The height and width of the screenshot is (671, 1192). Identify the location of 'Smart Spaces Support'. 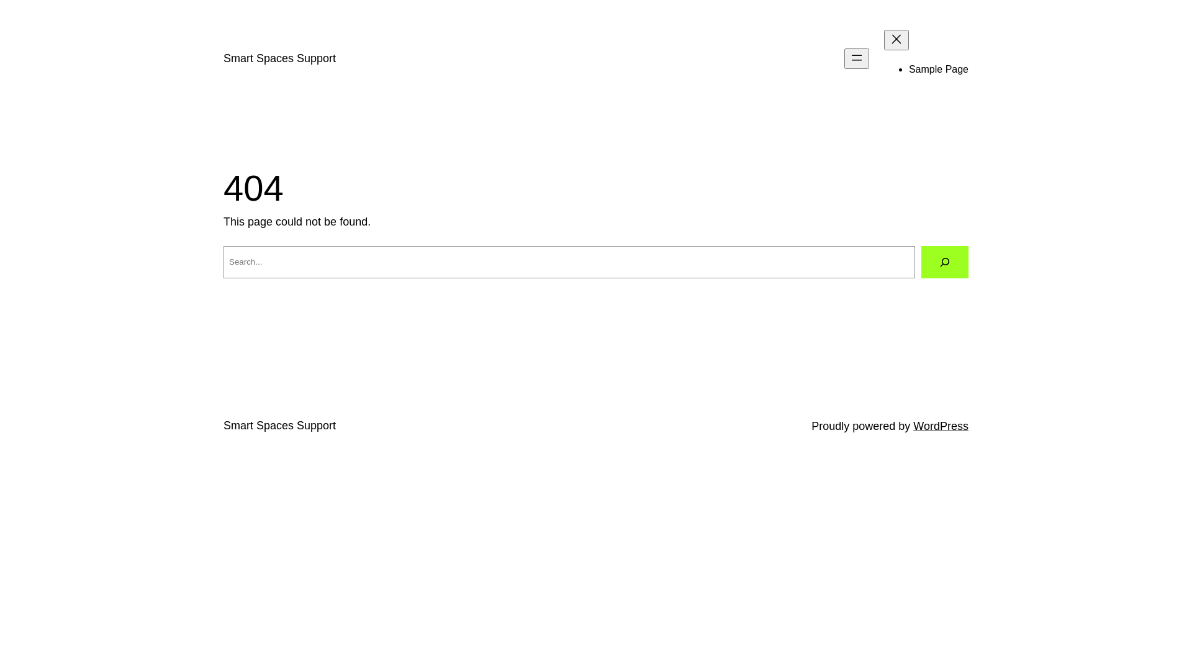
(279, 425).